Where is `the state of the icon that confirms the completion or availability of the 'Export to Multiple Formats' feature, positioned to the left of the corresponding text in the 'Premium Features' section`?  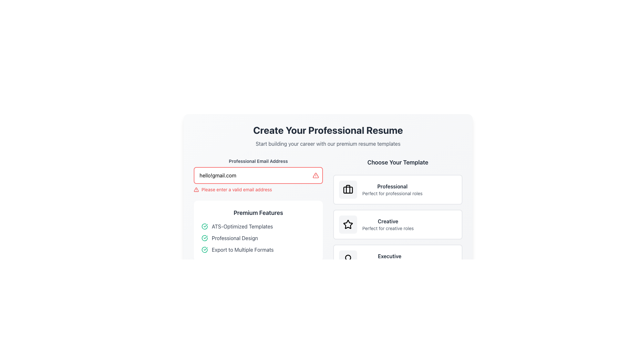
the state of the icon that confirms the completion or availability of the 'Export to Multiple Formats' feature, positioned to the left of the corresponding text in the 'Premium Features' section is located at coordinates (204, 249).